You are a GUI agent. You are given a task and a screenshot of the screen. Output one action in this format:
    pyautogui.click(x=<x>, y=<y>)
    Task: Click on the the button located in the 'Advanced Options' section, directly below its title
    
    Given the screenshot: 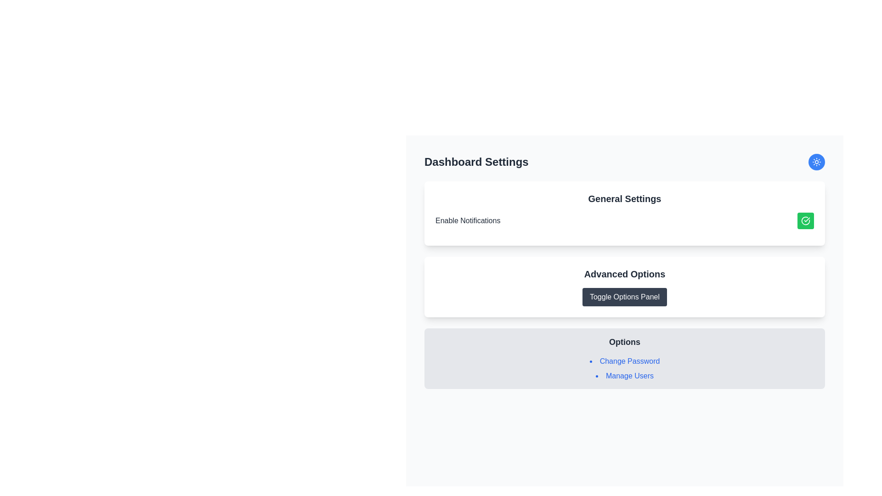 What is the action you would take?
    pyautogui.click(x=624, y=297)
    